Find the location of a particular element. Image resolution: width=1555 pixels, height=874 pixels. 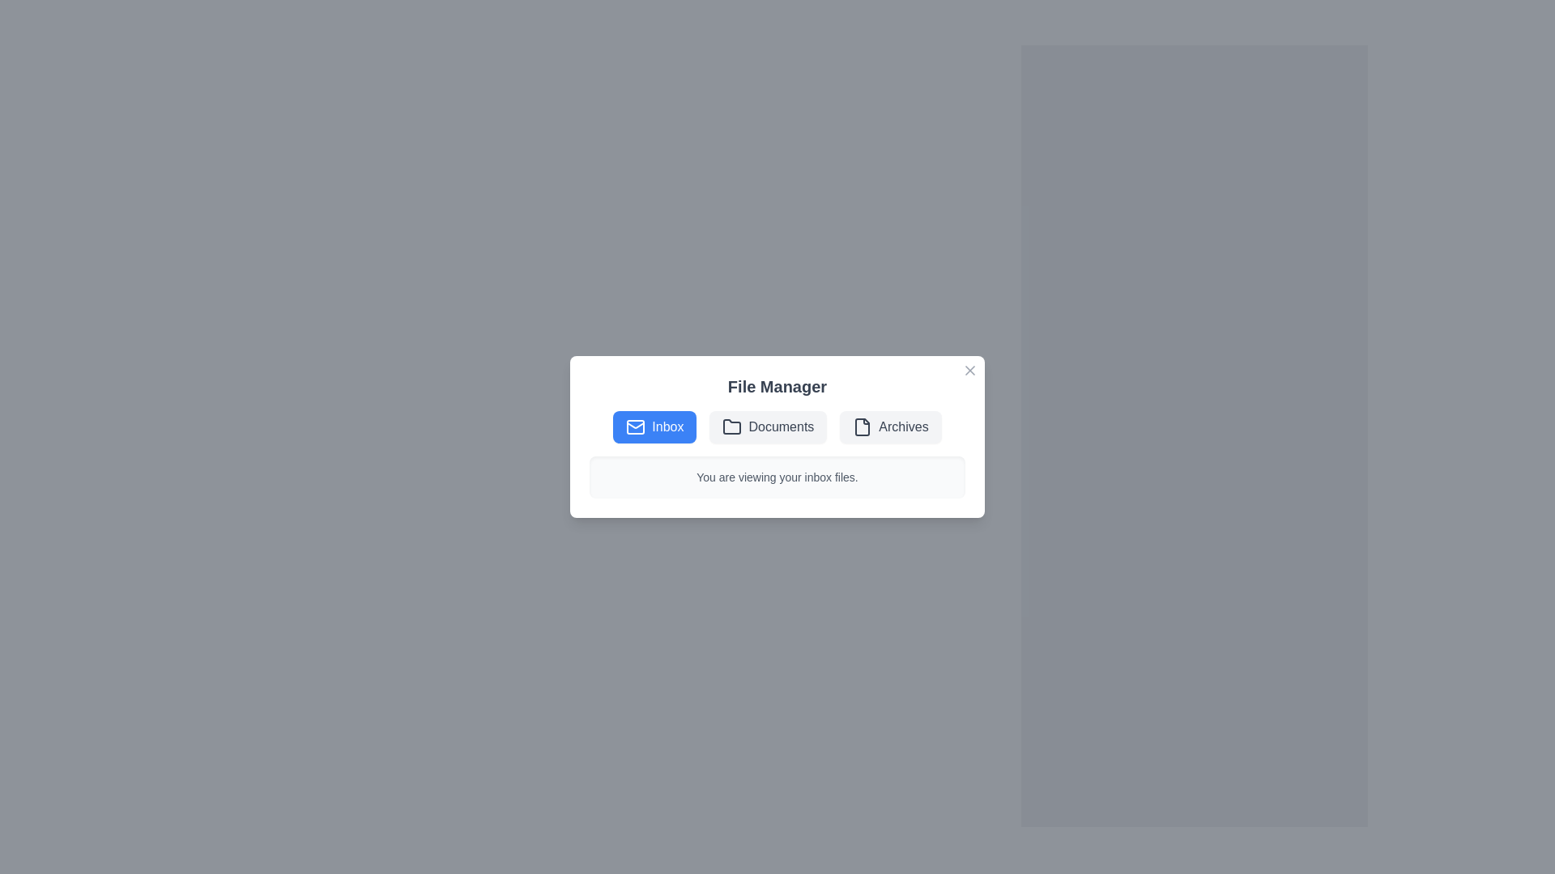

the Graphic icon representing a document or file within the 'Archives' button in the modal interface is located at coordinates (862, 426).